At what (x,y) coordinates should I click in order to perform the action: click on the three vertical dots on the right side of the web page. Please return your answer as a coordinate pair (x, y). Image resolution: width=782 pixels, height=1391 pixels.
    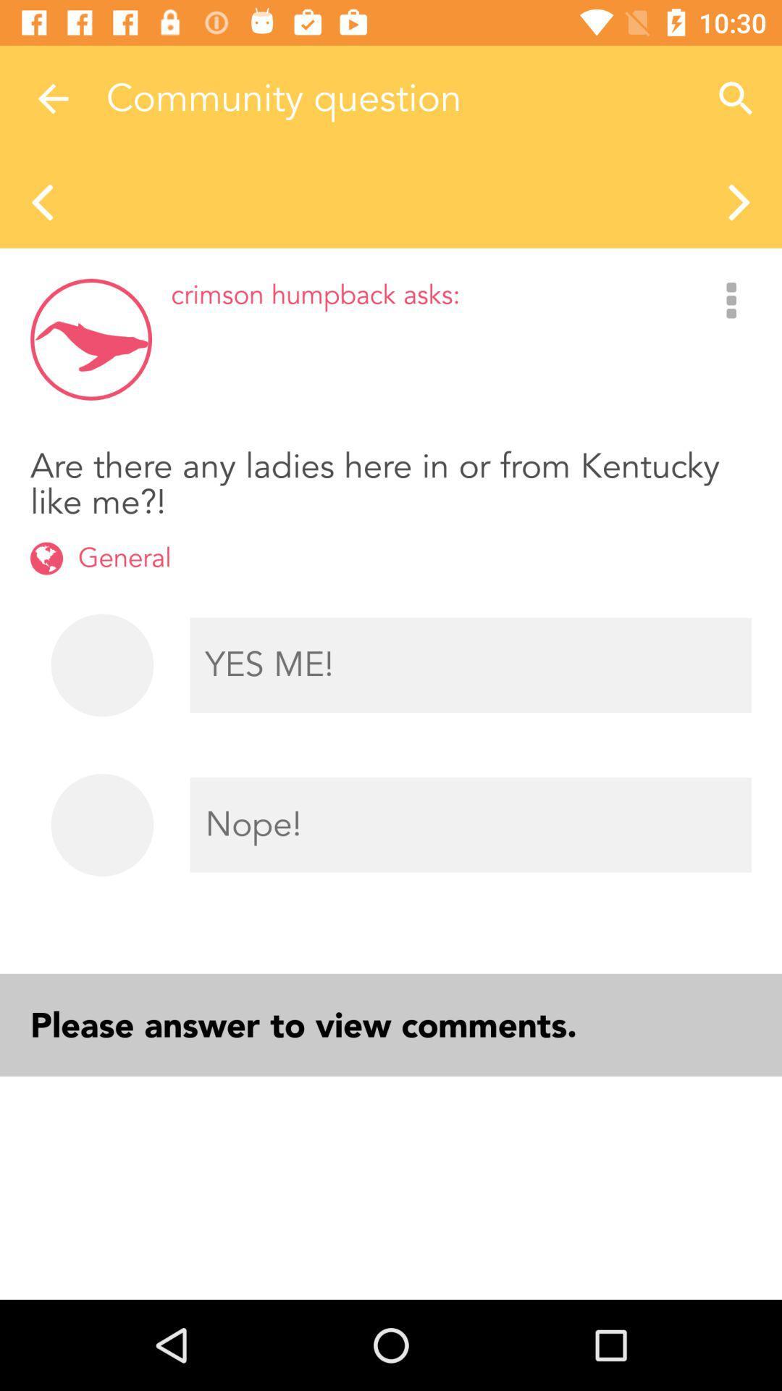
    Looking at the image, I should click on (731, 301).